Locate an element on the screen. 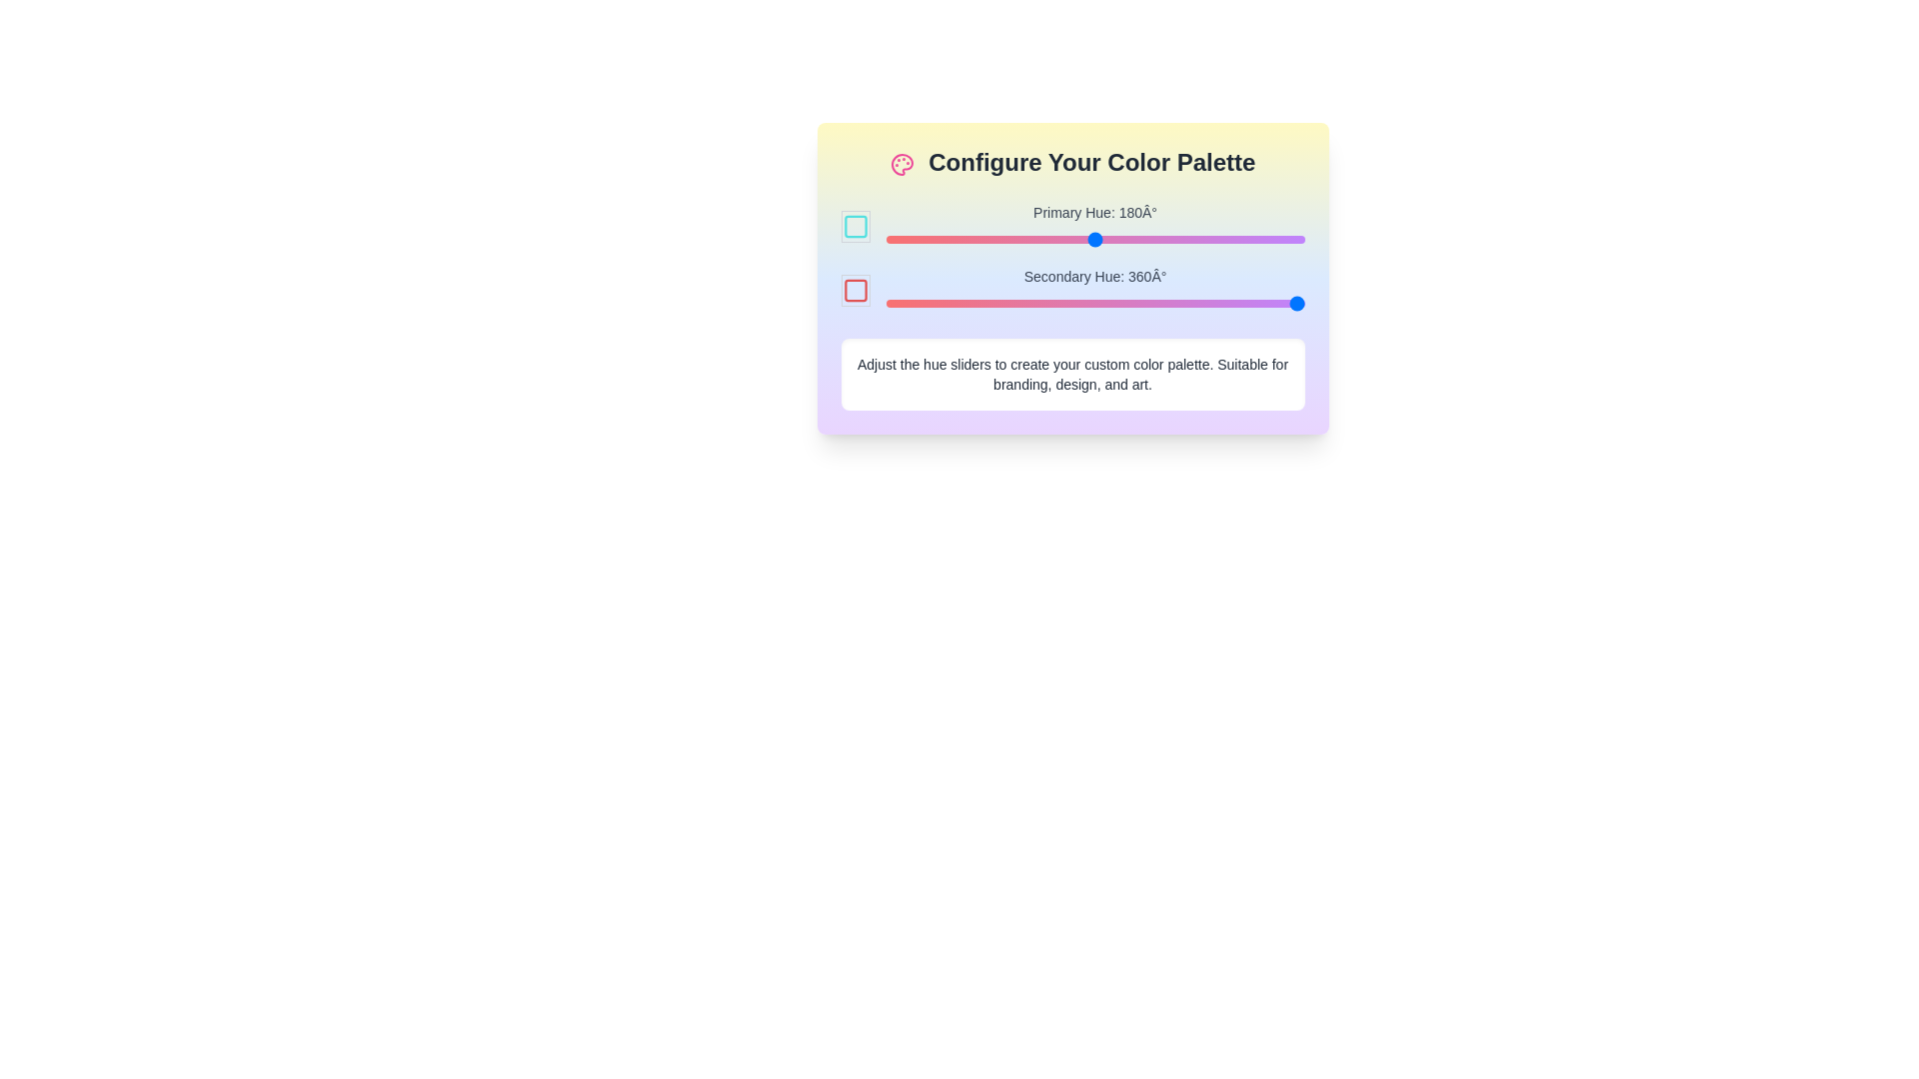 Image resolution: width=1919 pixels, height=1079 pixels. the secondary hue slider to 265° is located at coordinates (1194, 304).